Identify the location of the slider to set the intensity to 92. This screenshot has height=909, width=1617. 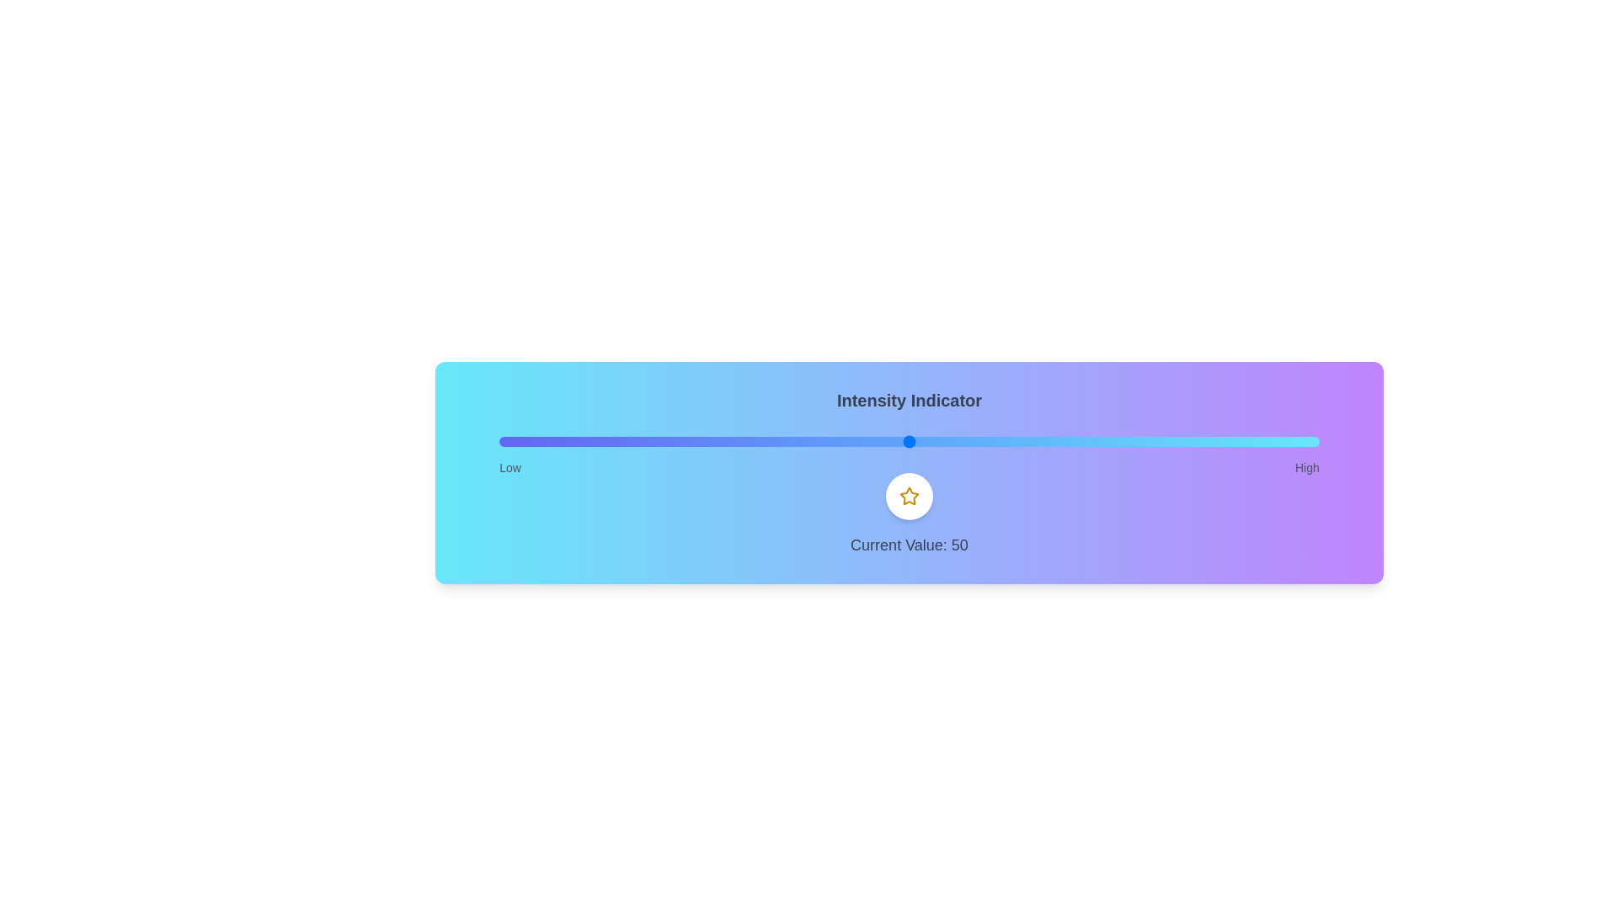
(1253, 440).